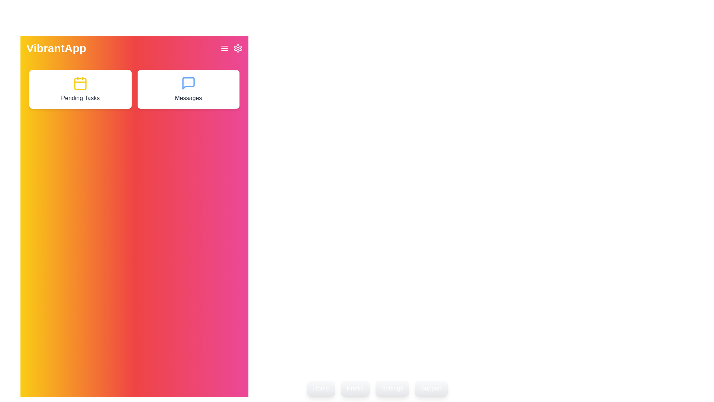 This screenshot has height=402, width=714. I want to click on the 'Profile' button located in the footer, so click(355, 388).